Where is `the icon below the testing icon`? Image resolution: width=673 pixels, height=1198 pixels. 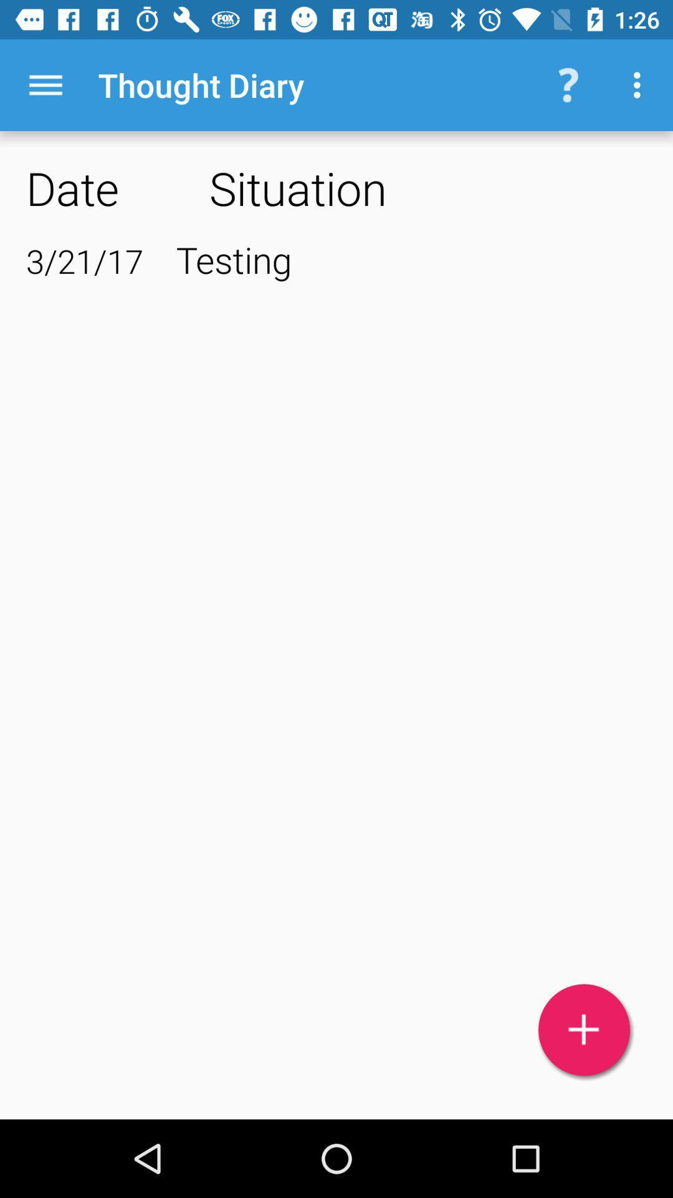 the icon below the testing icon is located at coordinates (584, 1030).